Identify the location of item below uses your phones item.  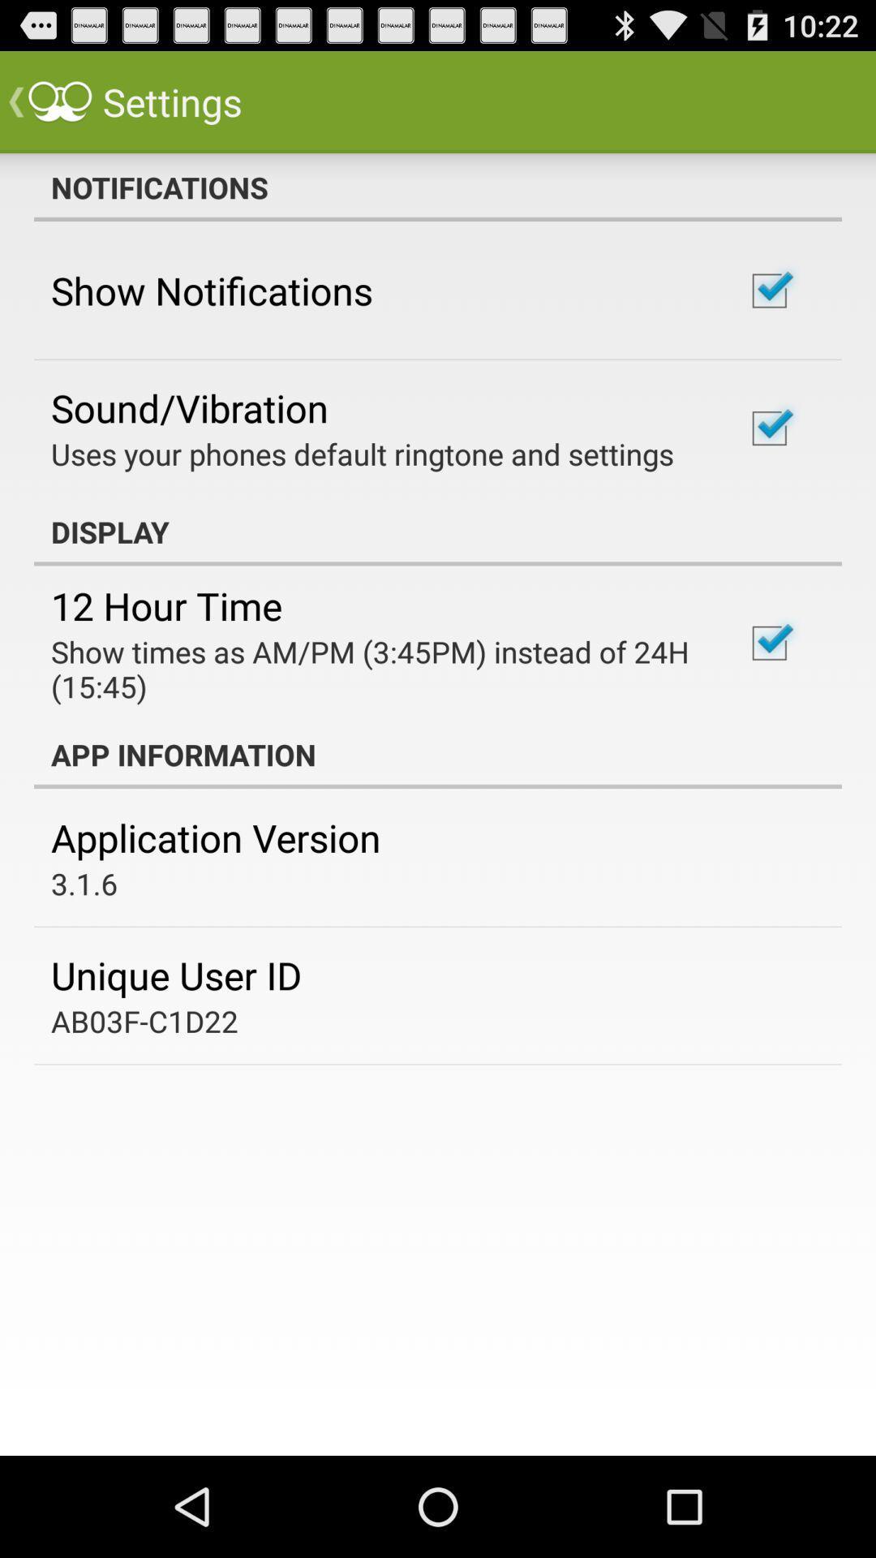
(438, 532).